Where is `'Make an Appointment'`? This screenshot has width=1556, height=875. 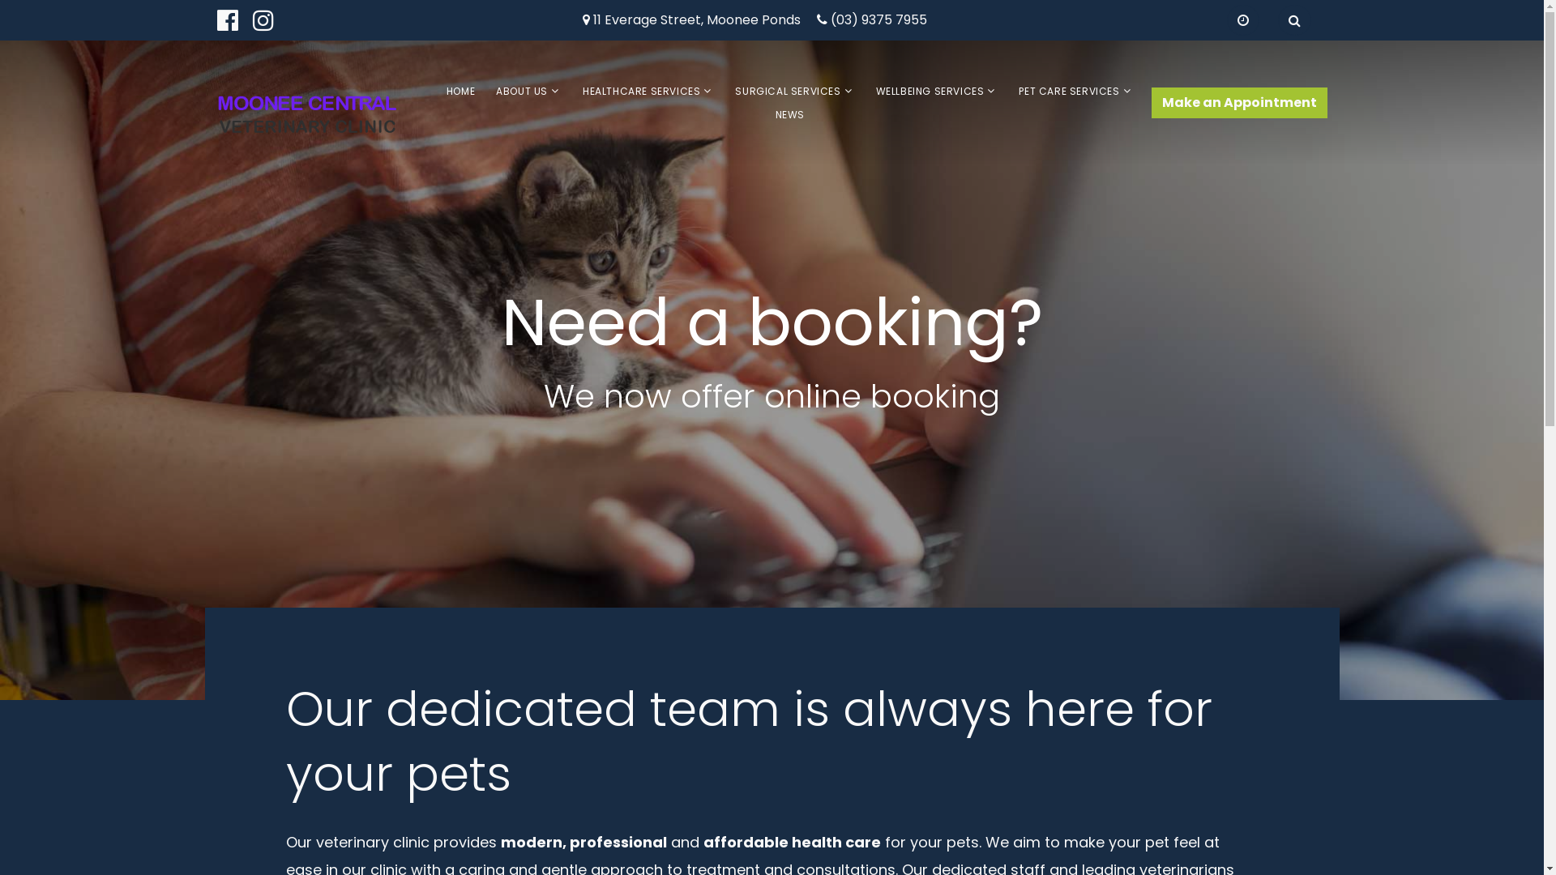 'Make an Appointment' is located at coordinates (1238, 103).